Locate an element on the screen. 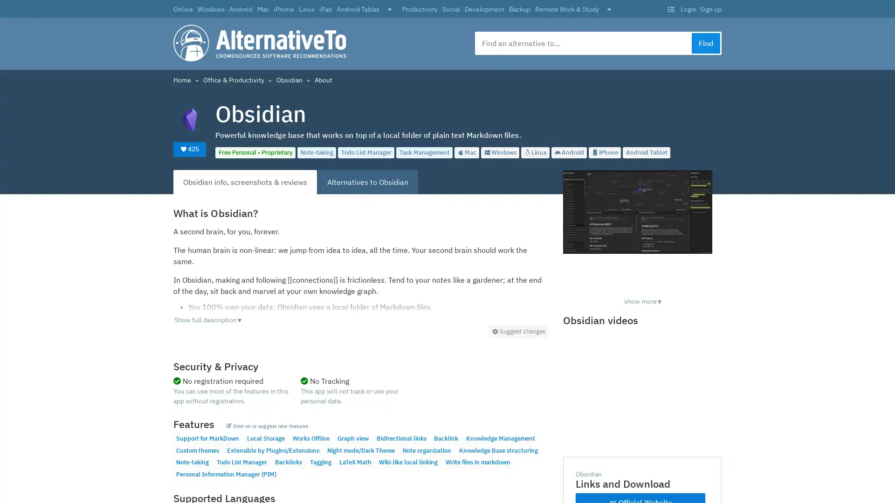 The height and width of the screenshot is (503, 895). Show all categories is located at coordinates (609, 10).